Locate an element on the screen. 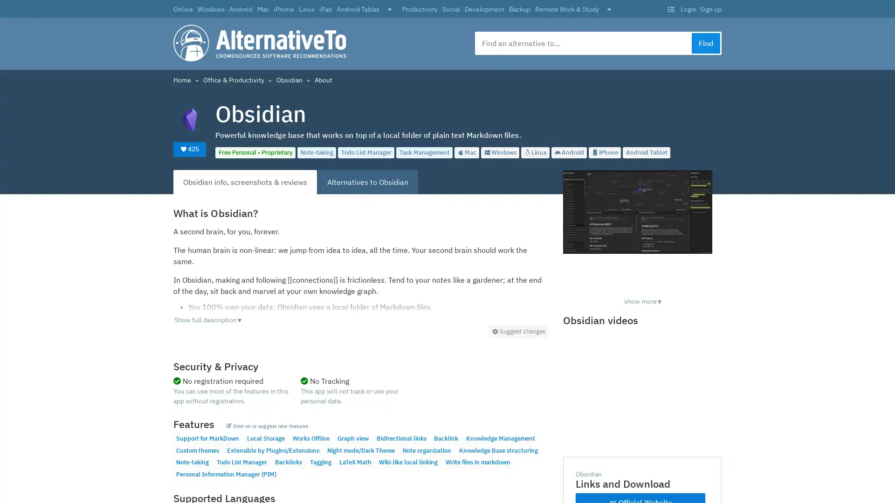 The height and width of the screenshot is (503, 895). Show all categories is located at coordinates (609, 10).